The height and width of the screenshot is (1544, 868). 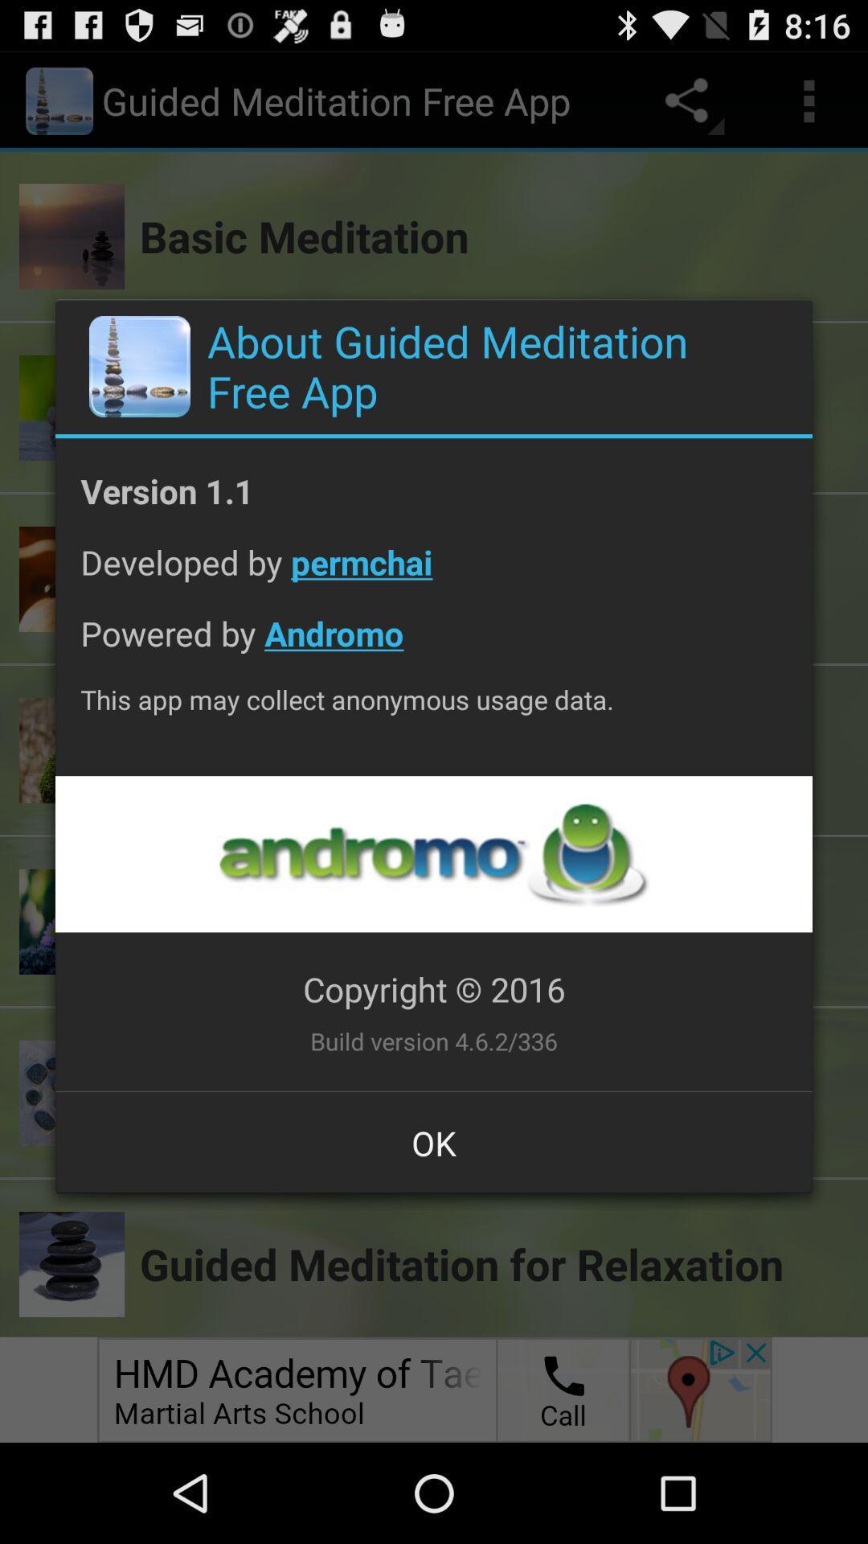 I want to click on the app below version 1.1, so click(x=434, y=574).